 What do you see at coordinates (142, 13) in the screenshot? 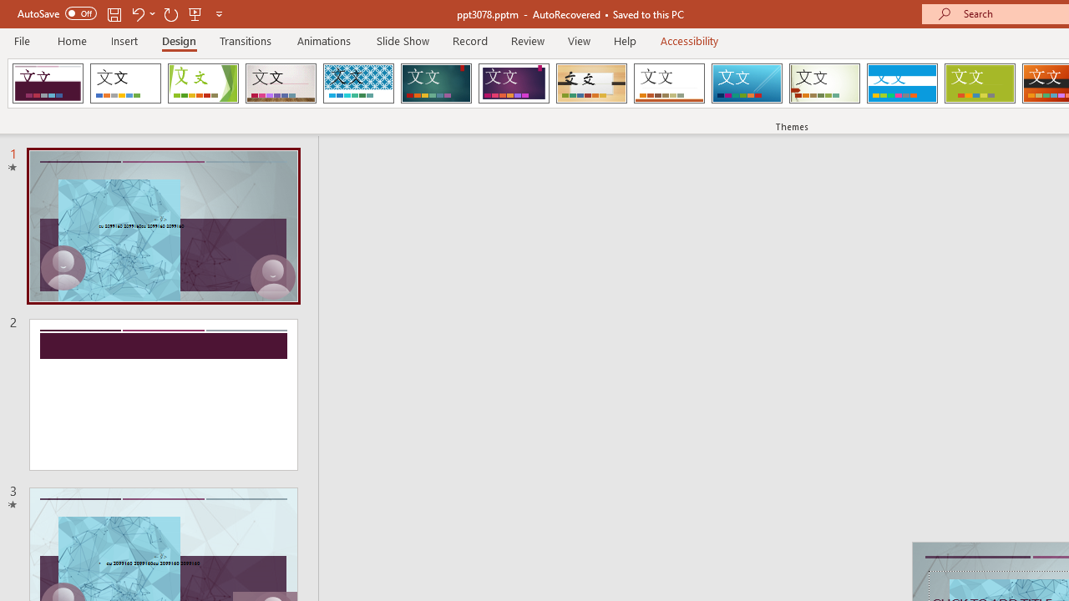
I see `'Undo'` at bounding box center [142, 13].